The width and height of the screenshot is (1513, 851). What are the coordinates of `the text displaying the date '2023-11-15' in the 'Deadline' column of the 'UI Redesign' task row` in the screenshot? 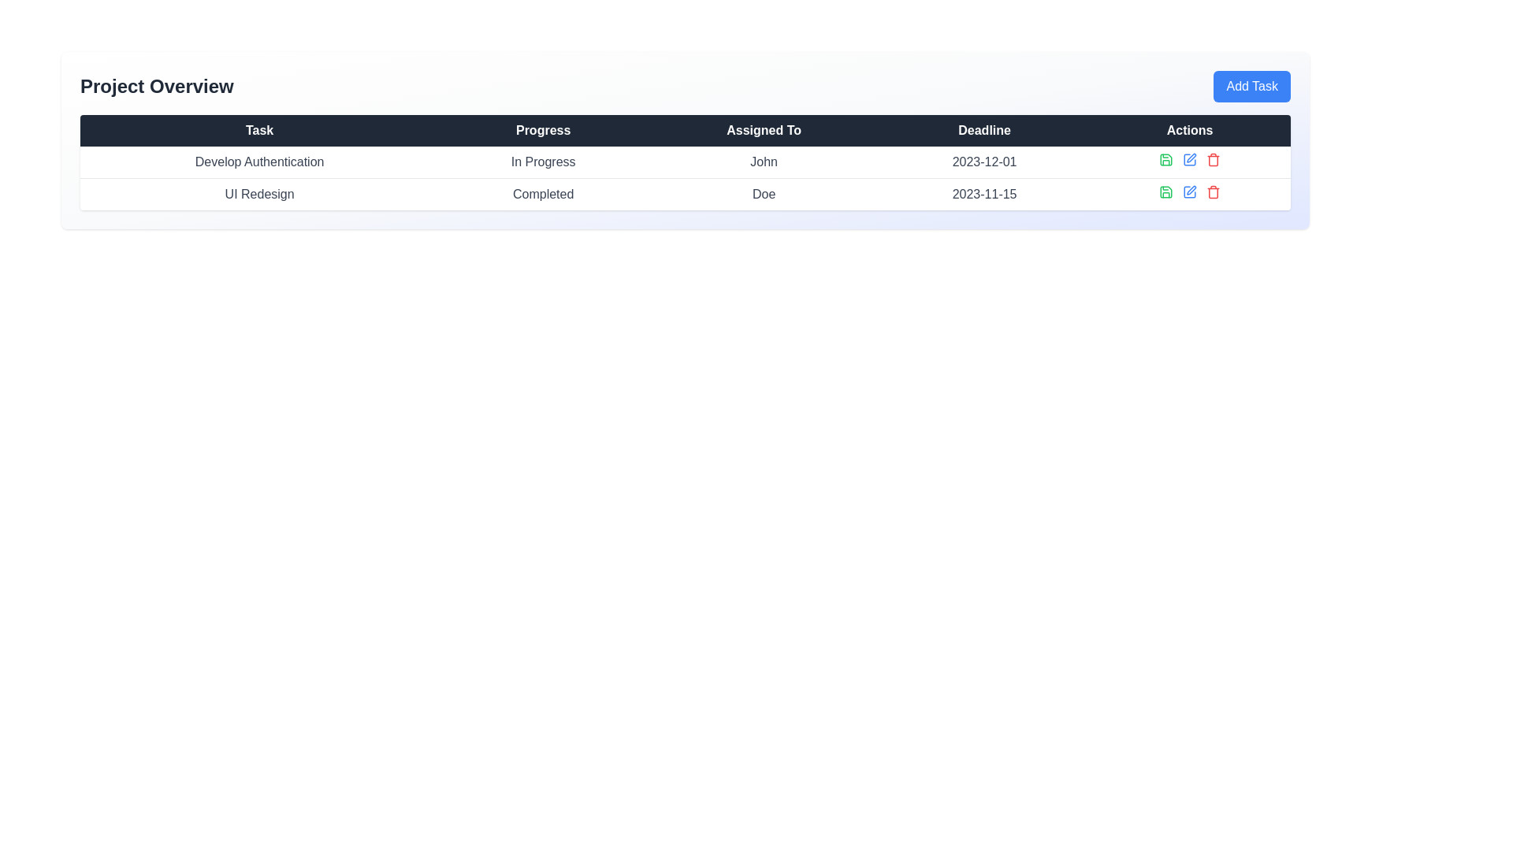 It's located at (983, 193).